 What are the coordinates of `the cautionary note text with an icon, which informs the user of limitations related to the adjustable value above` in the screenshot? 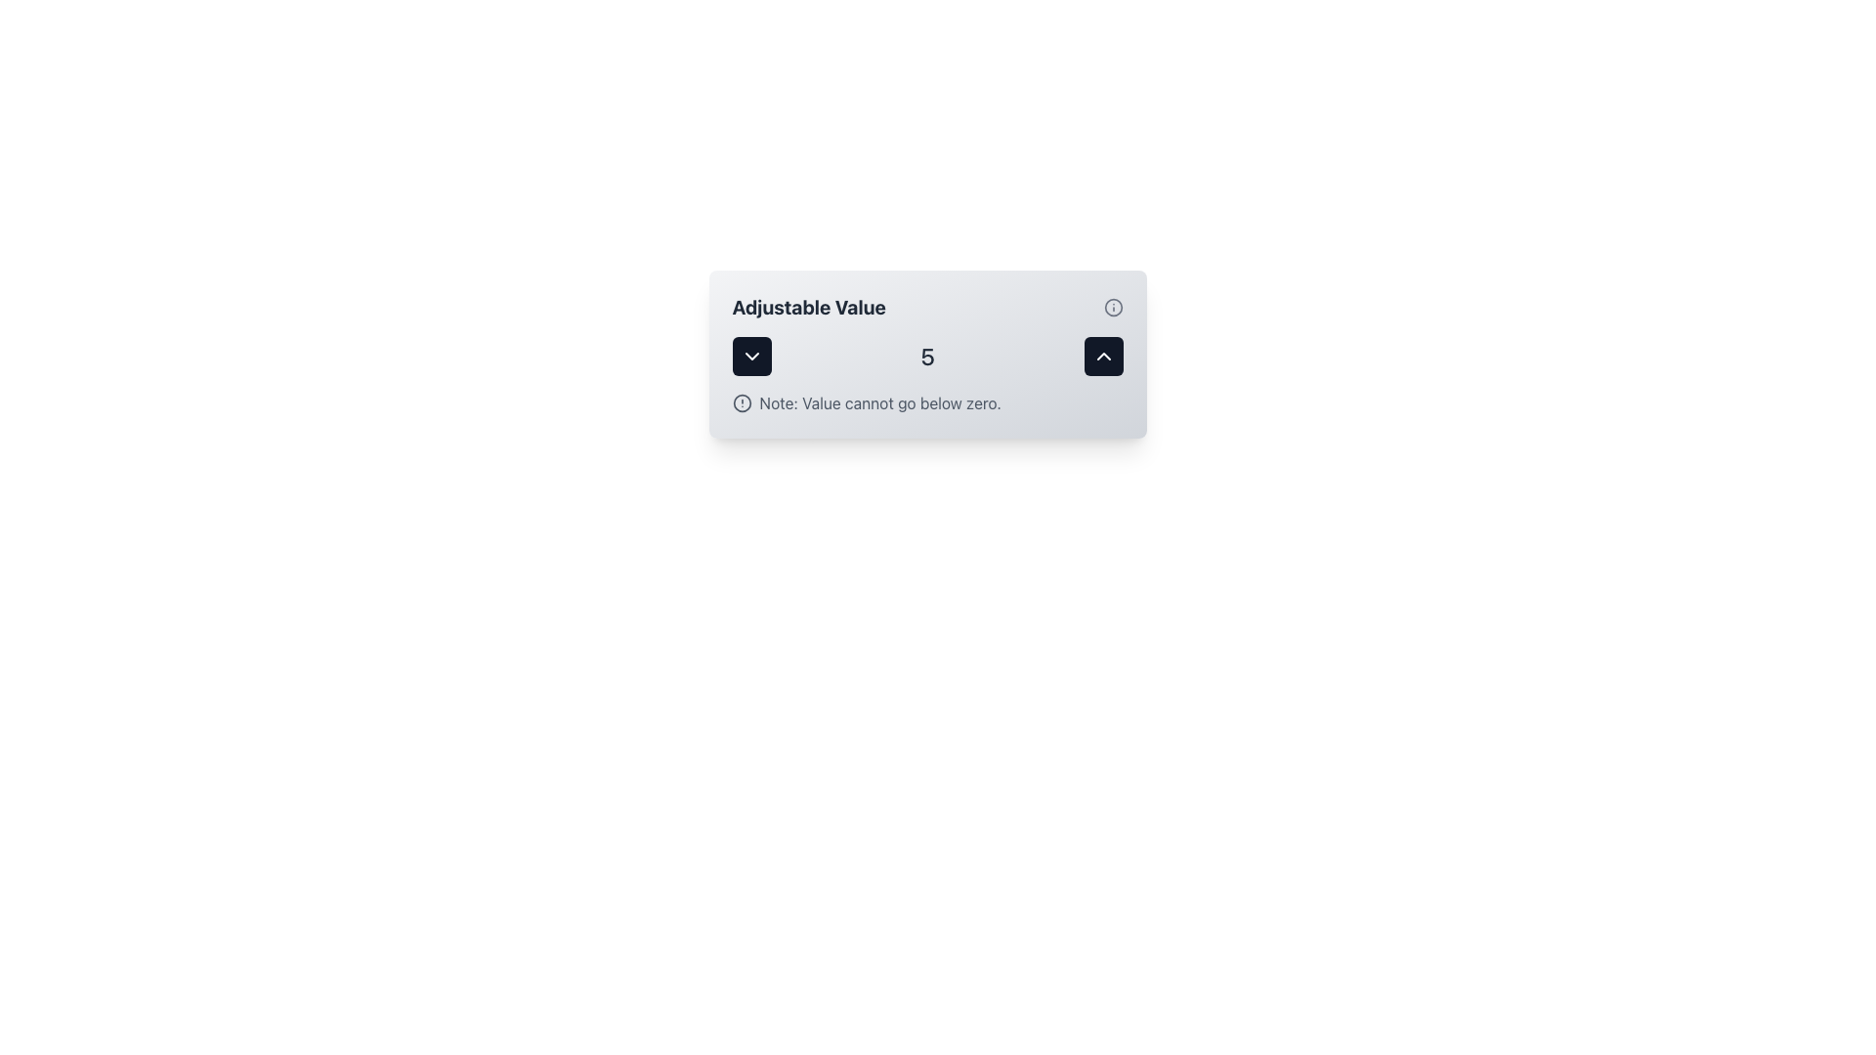 It's located at (926, 401).